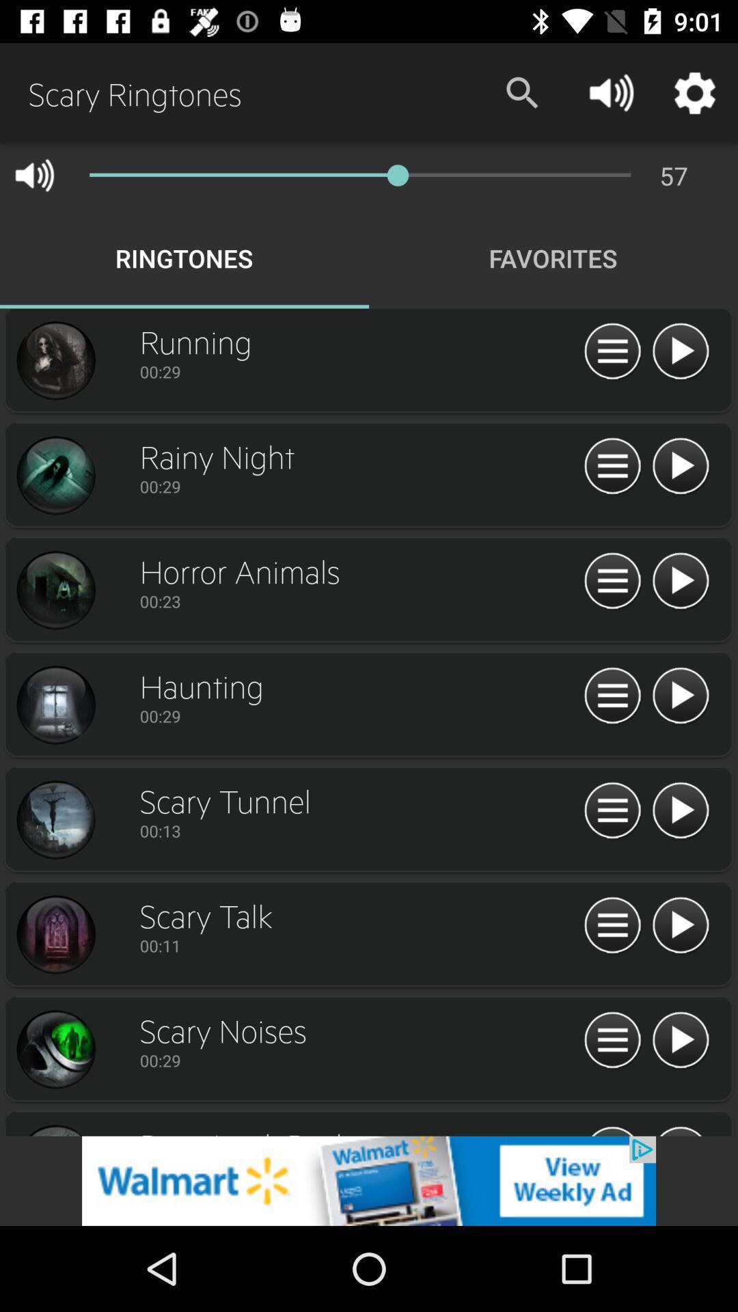 The image size is (738, 1312). I want to click on the music, so click(680, 467).